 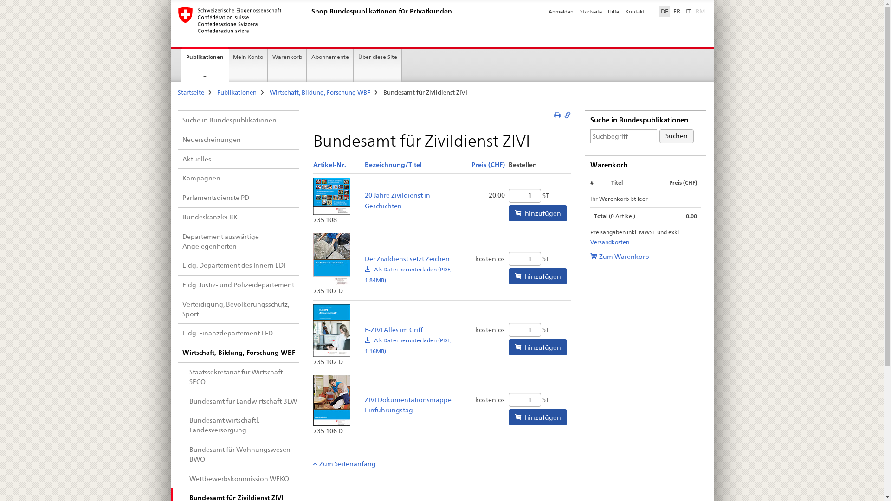 What do you see at coordinates (687, 11) in the screenshot?
I see `'IT'` at bounding box center [687, 11].